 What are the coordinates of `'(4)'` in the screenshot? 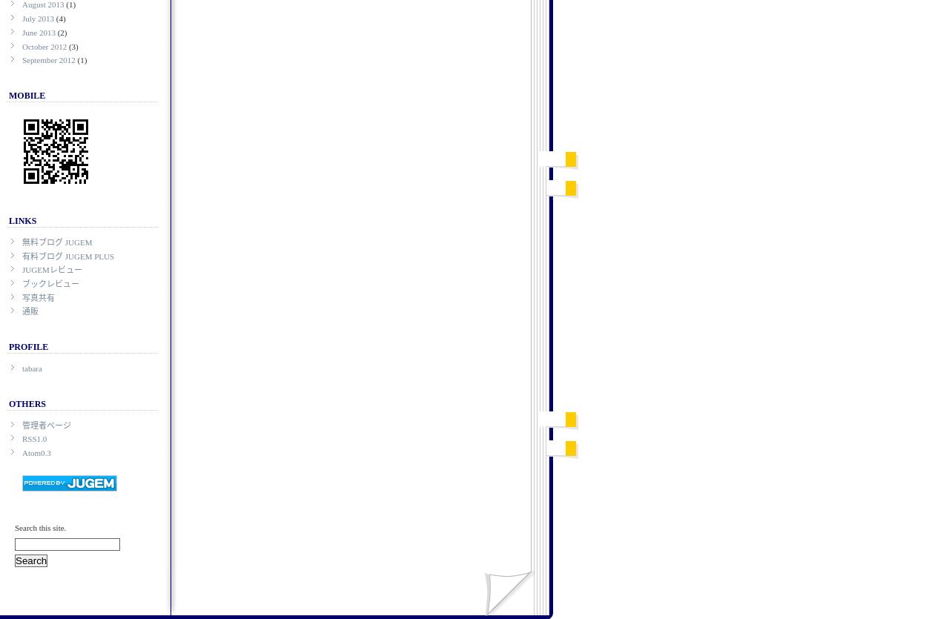 It's located at (59, 18).